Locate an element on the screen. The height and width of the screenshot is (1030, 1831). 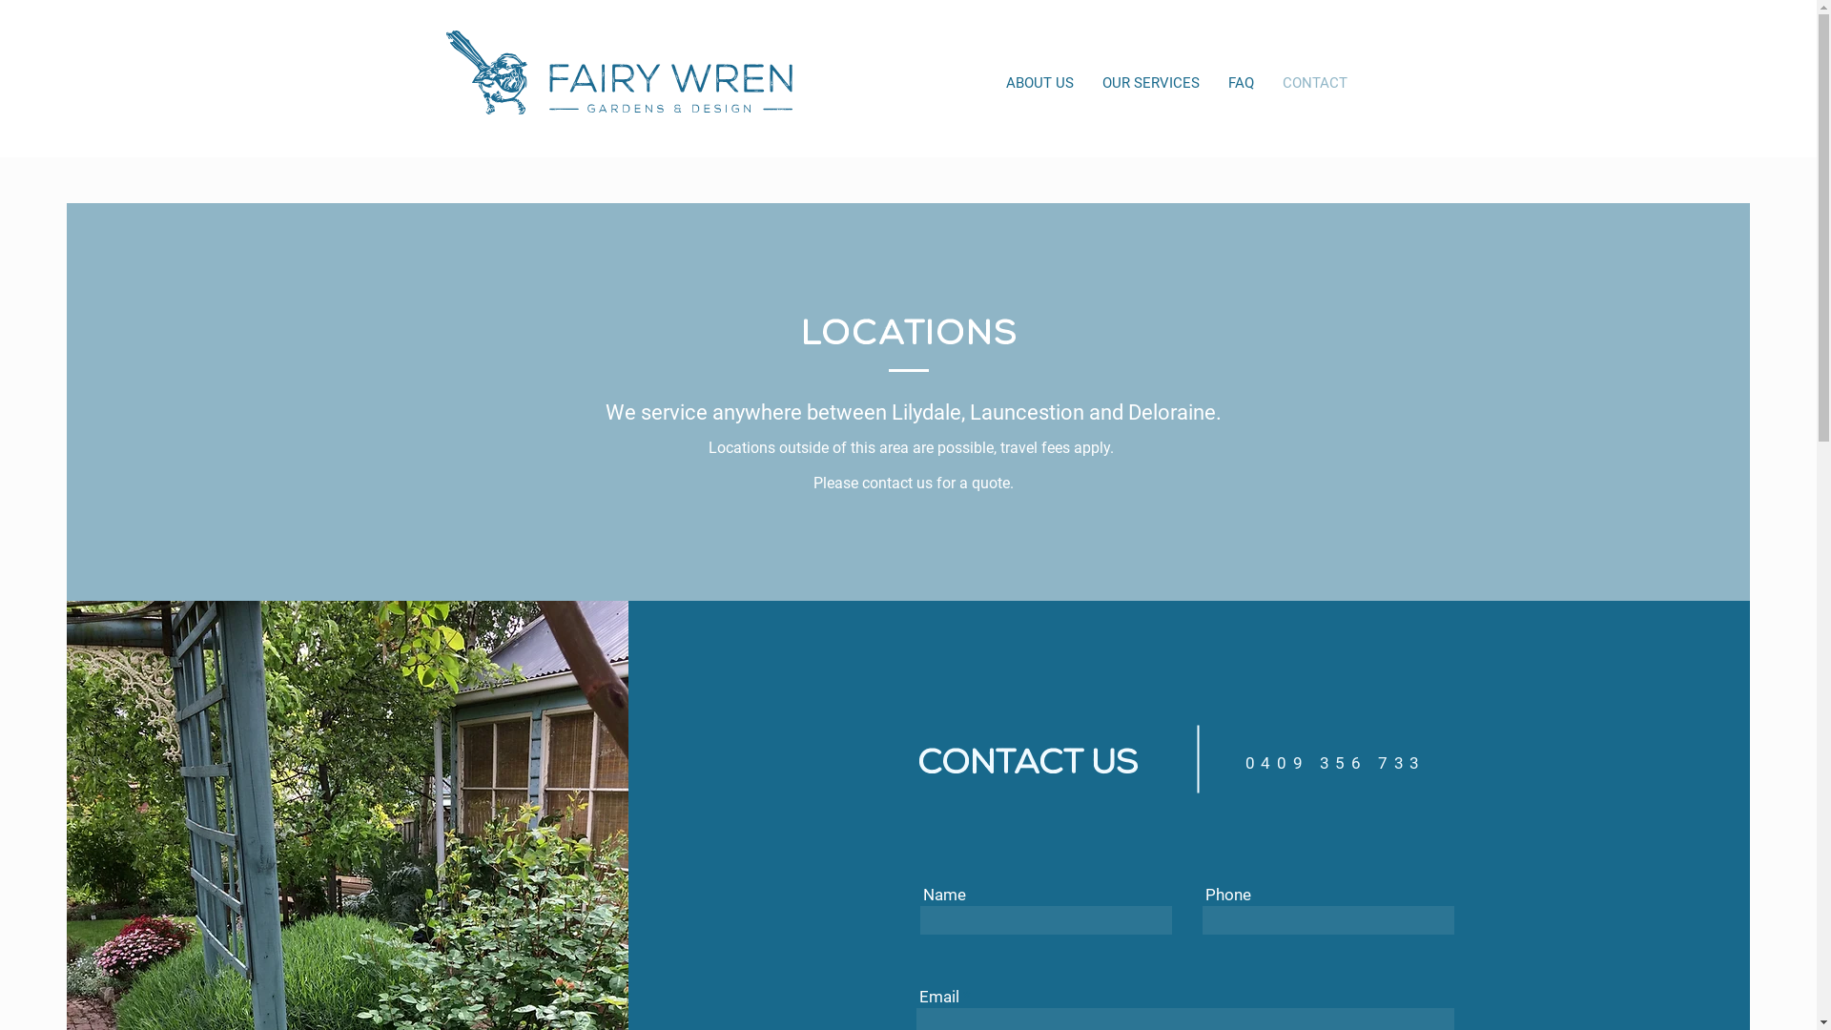
'ABOUT US' is located at coordinates (1039, 82).